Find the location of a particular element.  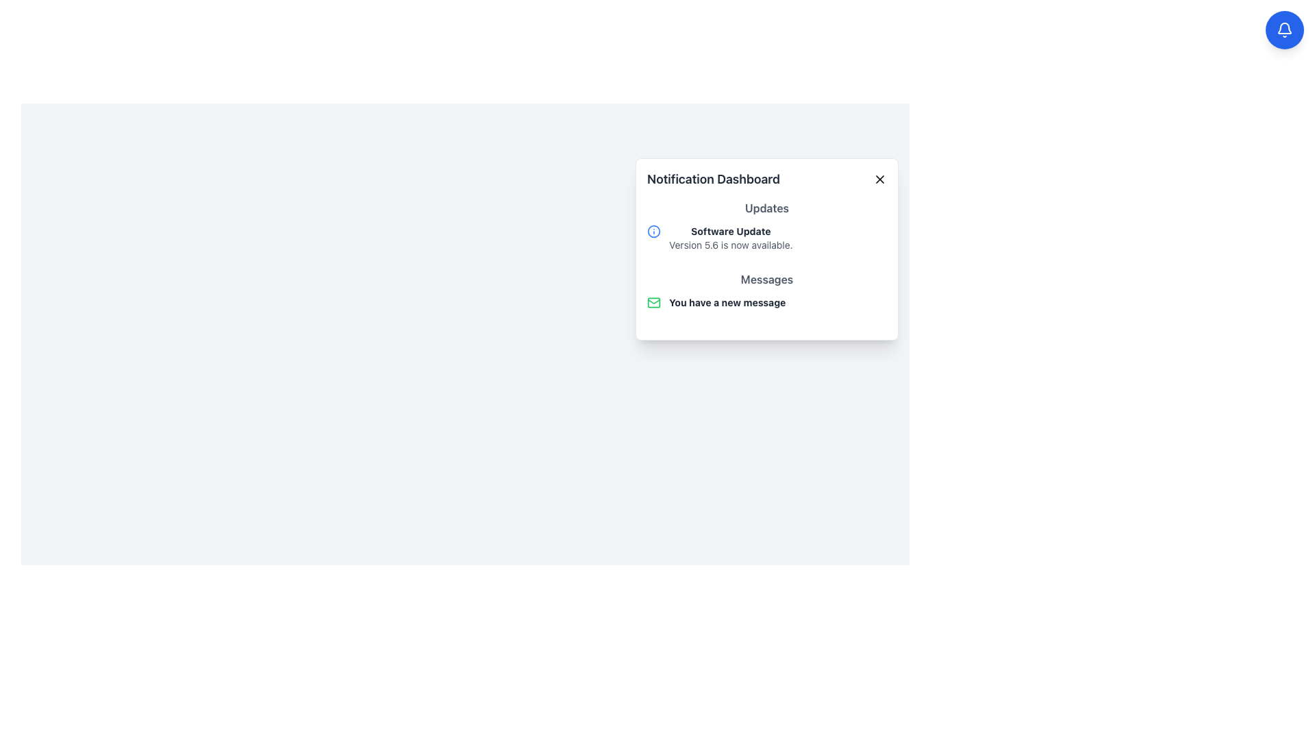

the bold text label displaying 'Software Update' in dark gray, located within the notification card below the 'Updates' header is located at coordinates (730, 231).